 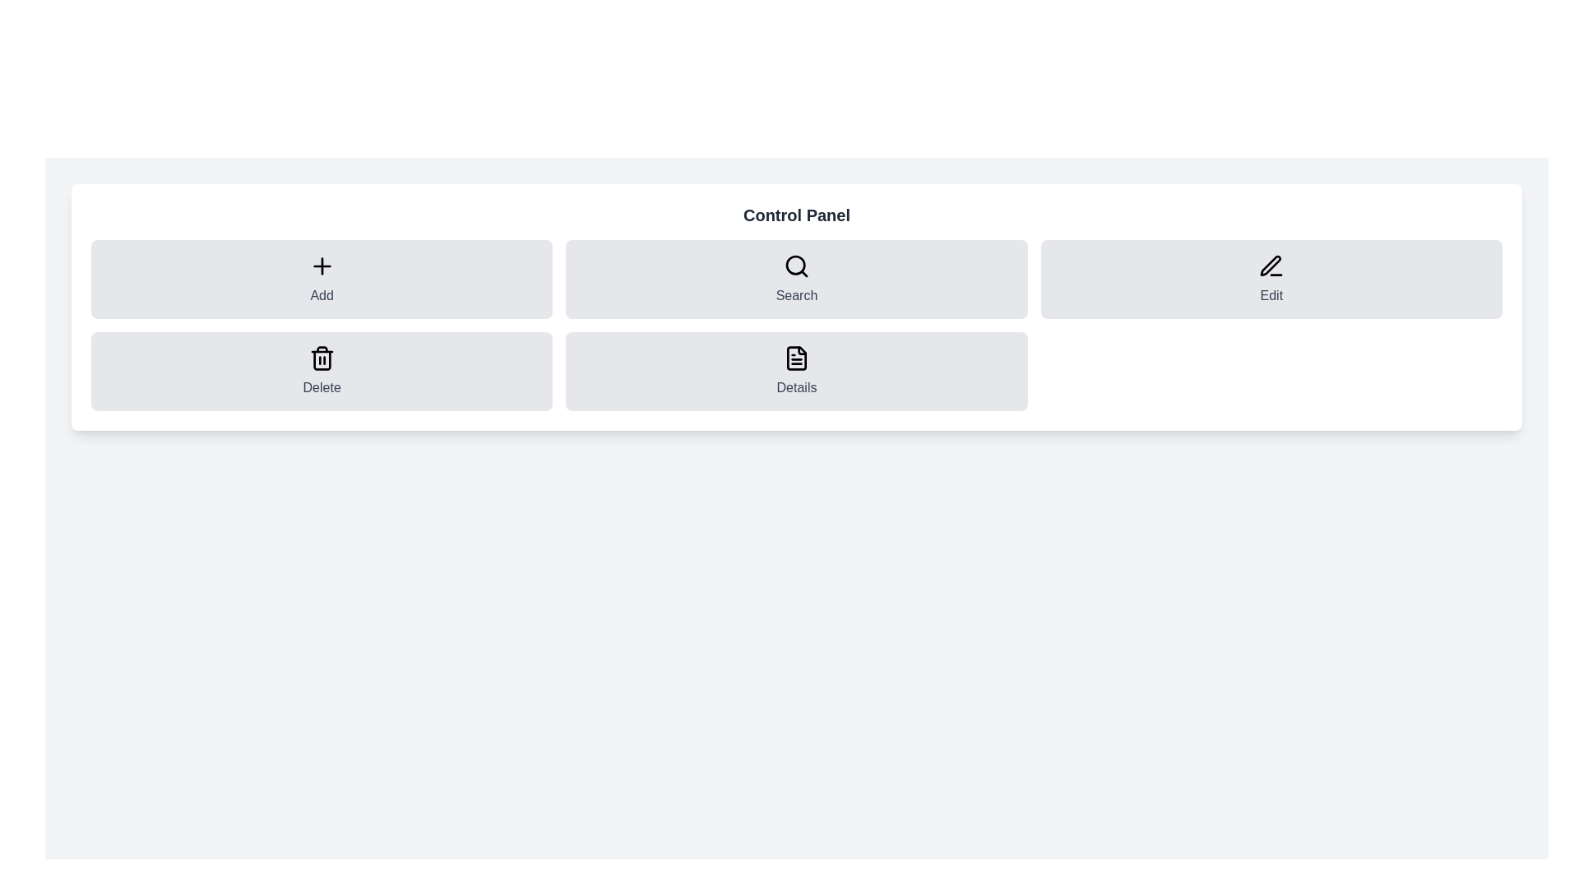 What do you see at coordinates (1270, 265) in the screenshot?
I see `the small pen-shaped icon located in the 'Edit' button area in the top-right section of the control panel interface` at bounding box center [1270, 265].